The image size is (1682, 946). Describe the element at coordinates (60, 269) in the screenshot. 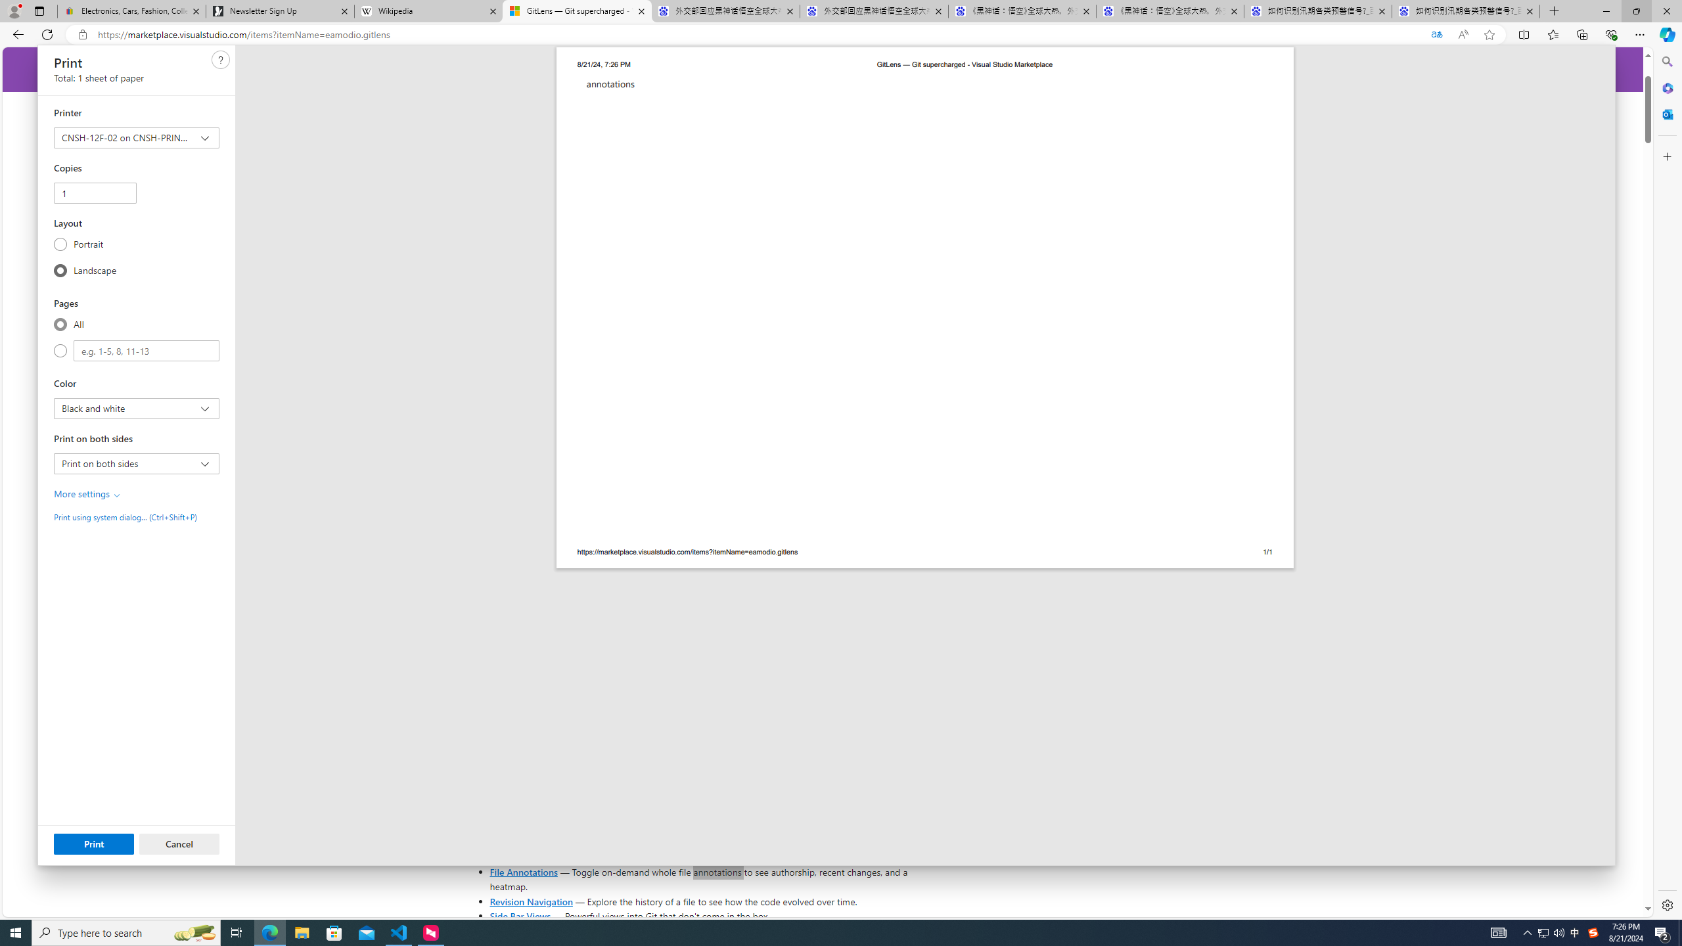

I see `'Landscape'` at that location.